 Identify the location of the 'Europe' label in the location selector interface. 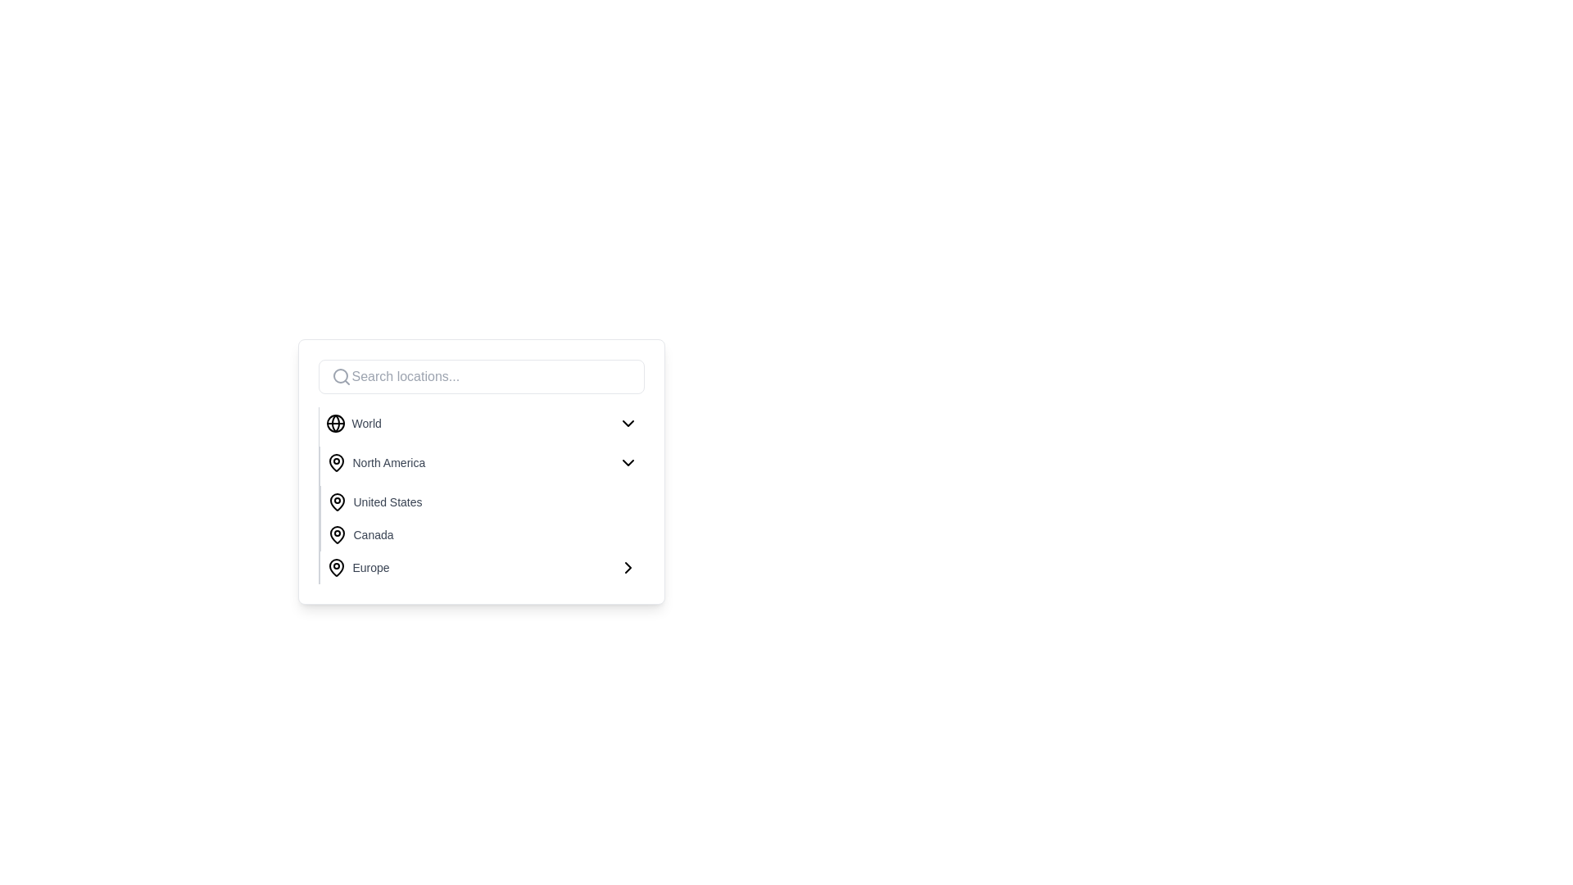
(370, 567).